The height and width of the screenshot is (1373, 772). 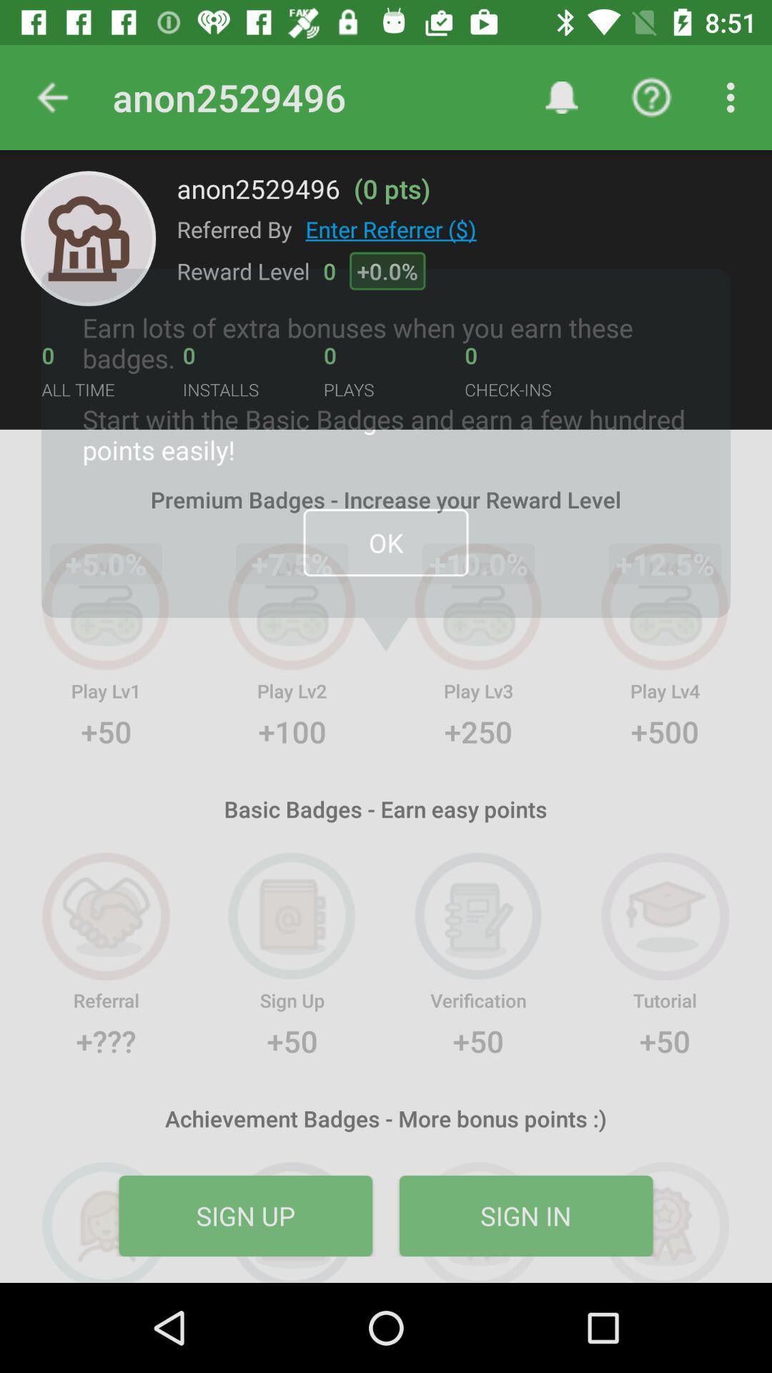 What do you see at coordinates (88, 238) in the screenshot?
I see `check image` at bounding box center [88, 238].